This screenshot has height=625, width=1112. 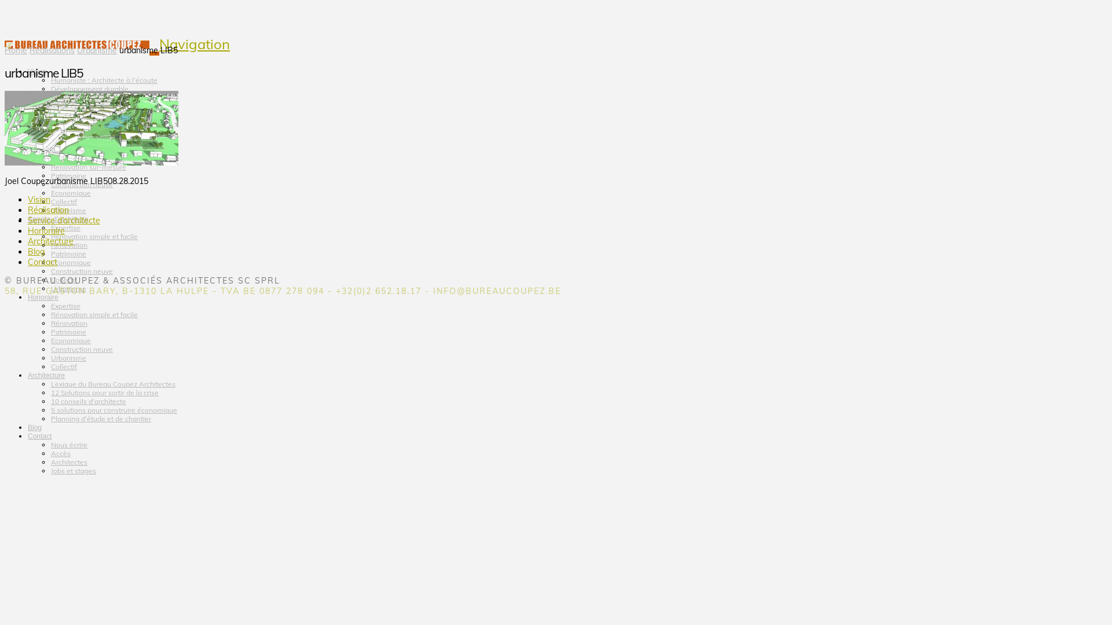 I want to click on 'Navigation', so click(x=195, y=43).